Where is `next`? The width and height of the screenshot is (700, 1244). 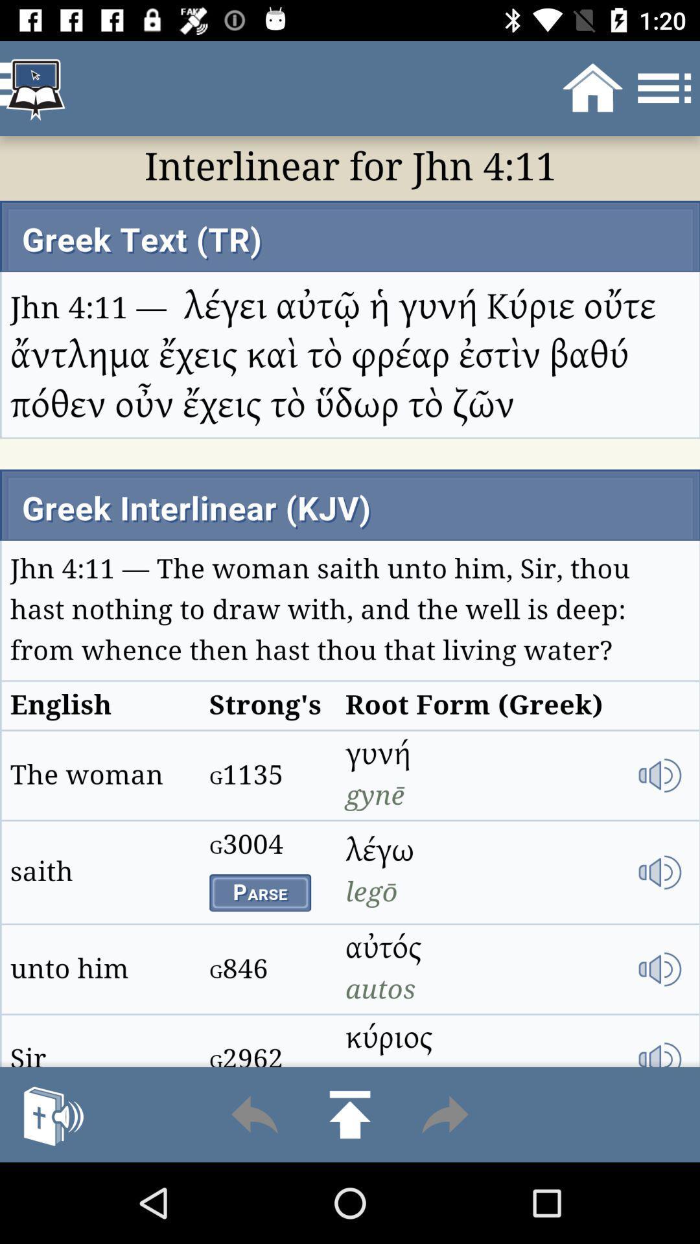 next is located at coordinates (444, 1114).